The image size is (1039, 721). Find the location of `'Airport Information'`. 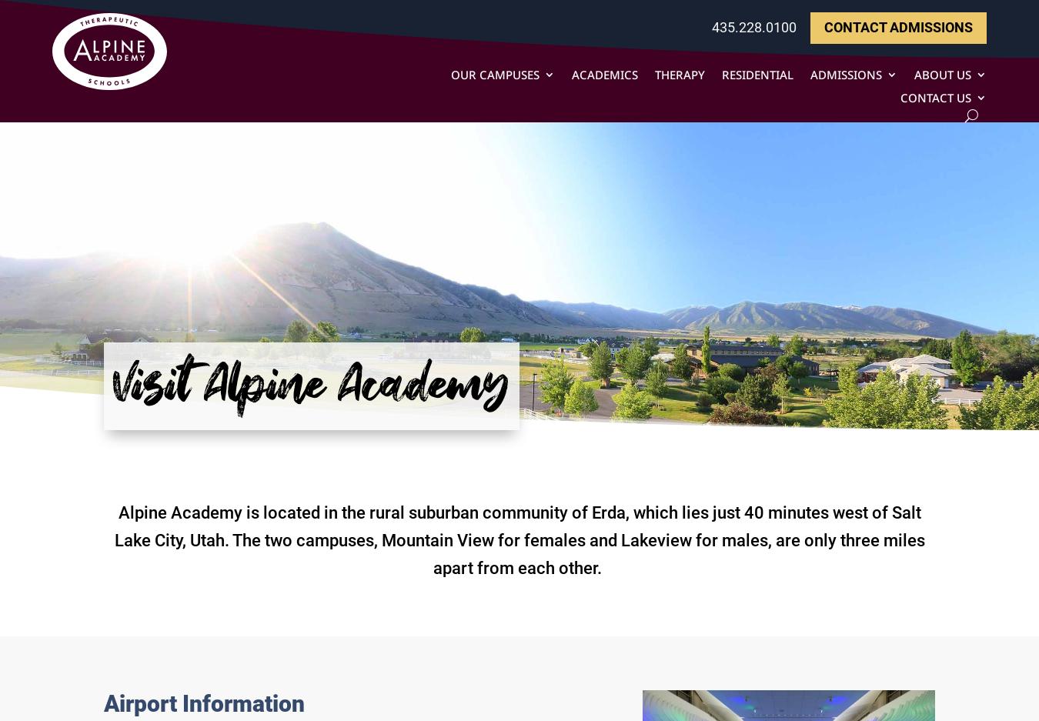

'Airport Information' is located at coordinates (203, 703).